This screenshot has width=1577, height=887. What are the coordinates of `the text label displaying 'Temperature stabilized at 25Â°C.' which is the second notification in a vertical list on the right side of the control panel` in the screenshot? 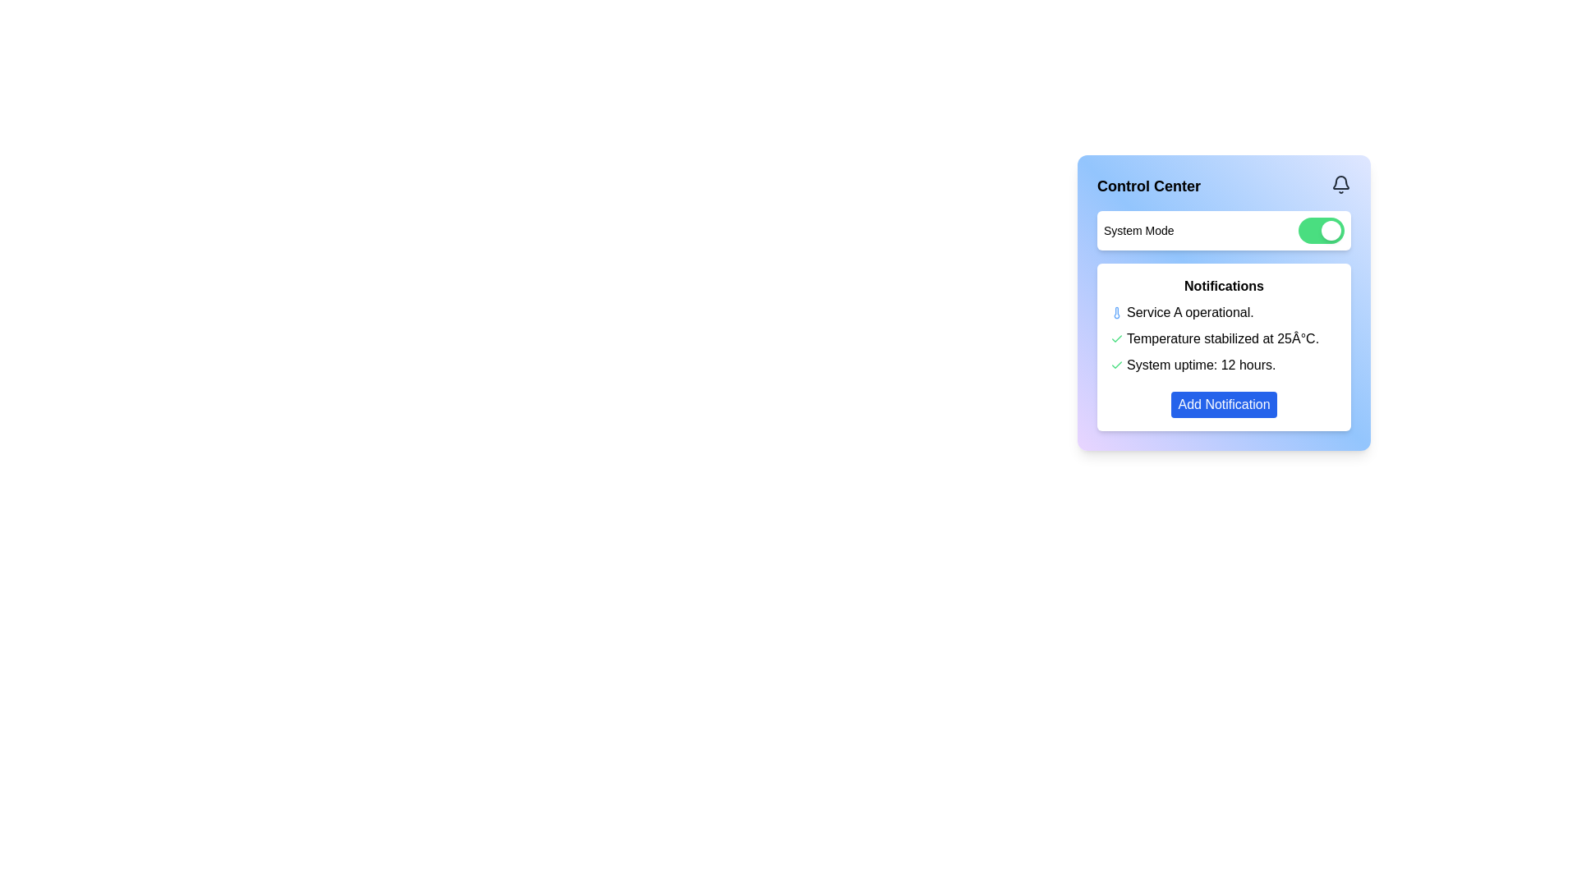 It's located at (1222, 338).